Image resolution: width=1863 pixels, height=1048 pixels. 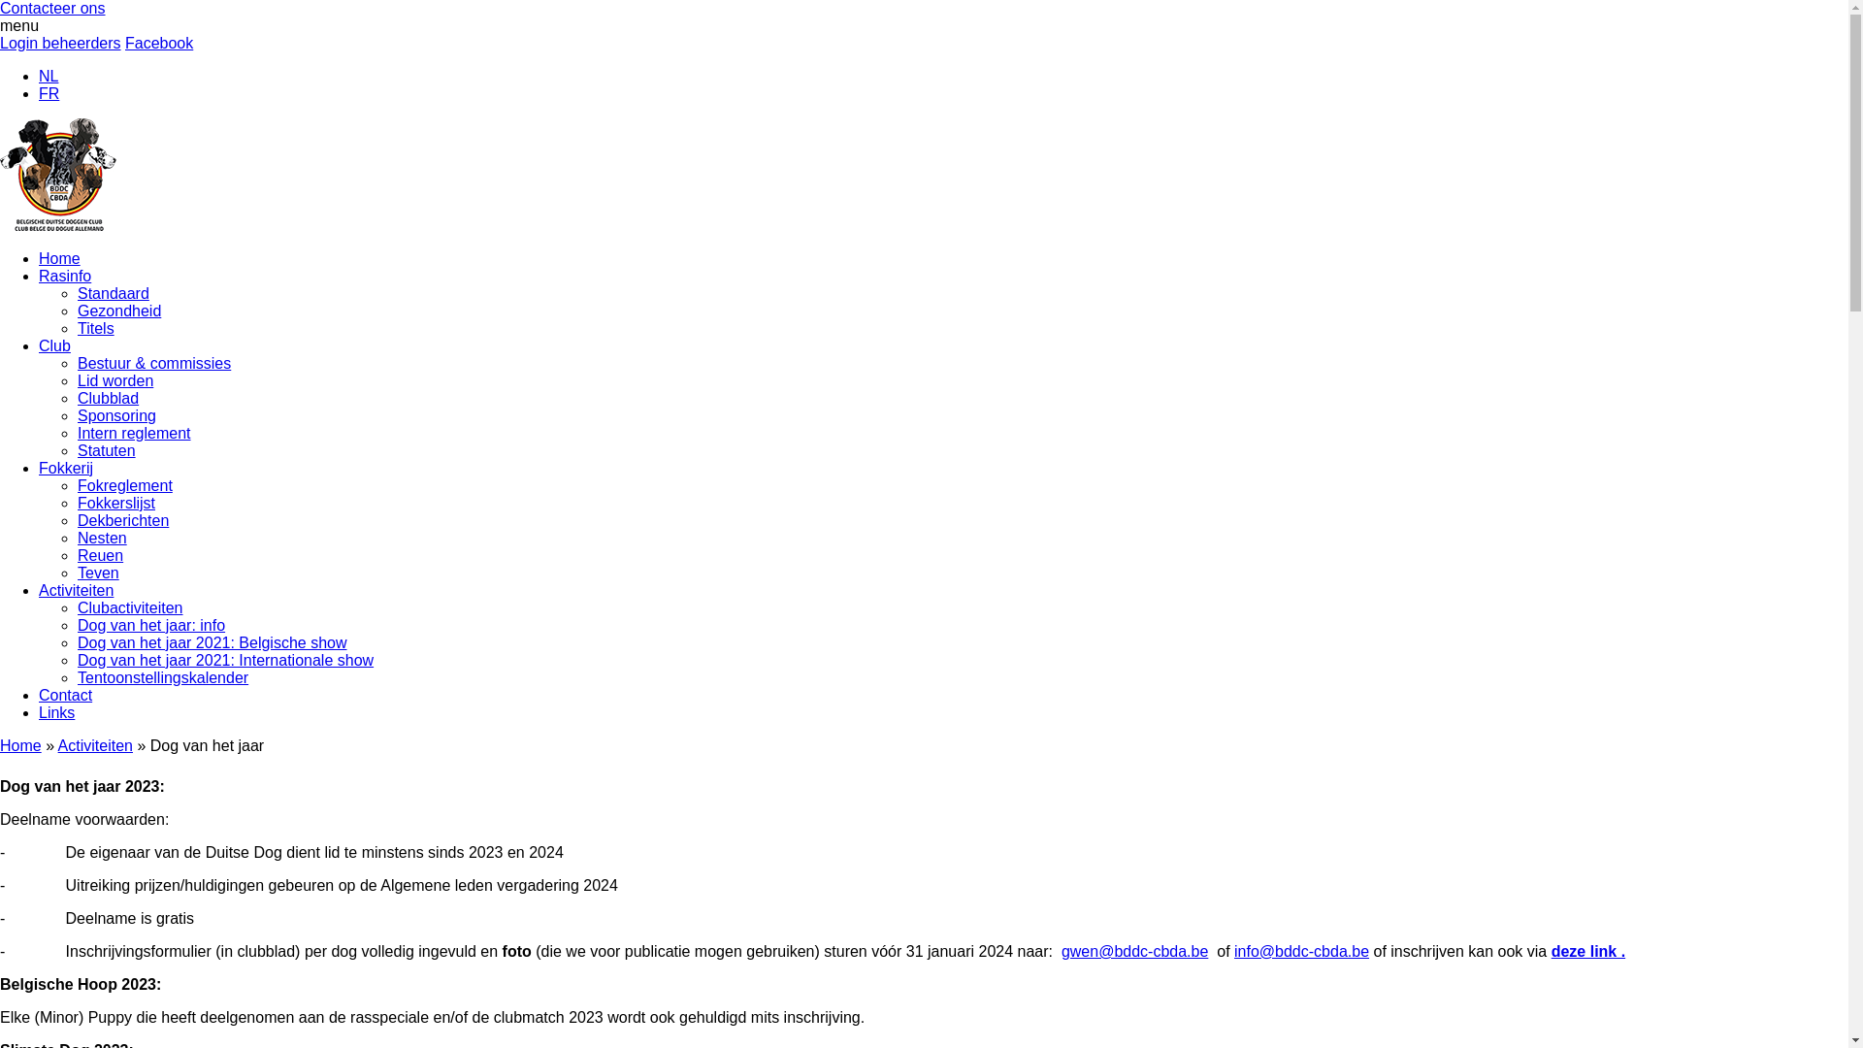 I want to click on 'Contact', so click(x=65, y=694).